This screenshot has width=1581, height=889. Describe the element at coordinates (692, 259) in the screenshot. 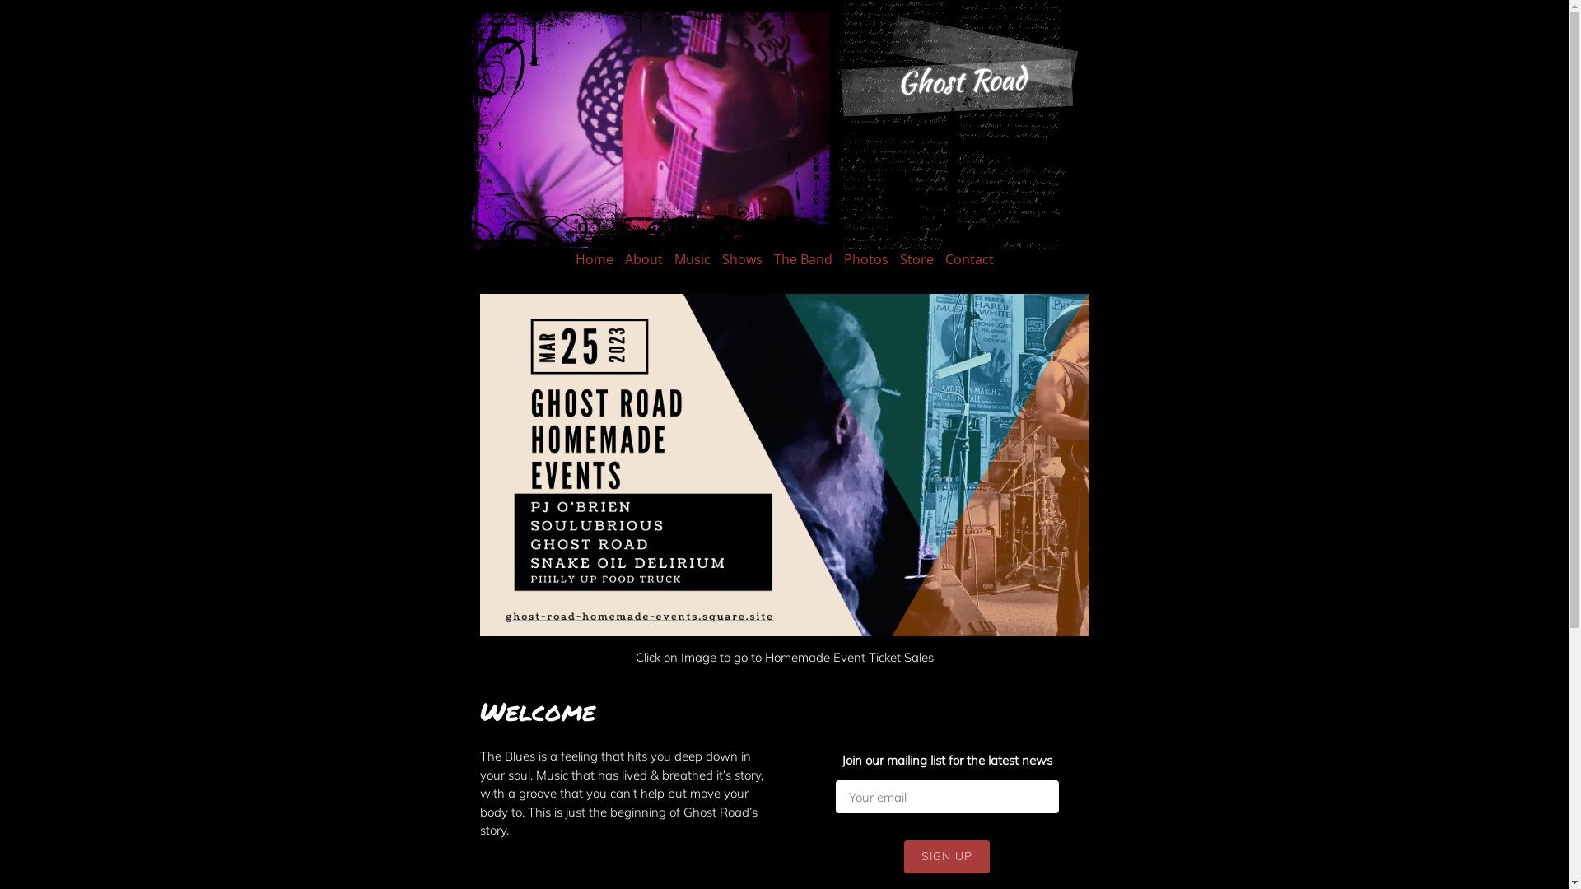

I see `'Music'` at that location.